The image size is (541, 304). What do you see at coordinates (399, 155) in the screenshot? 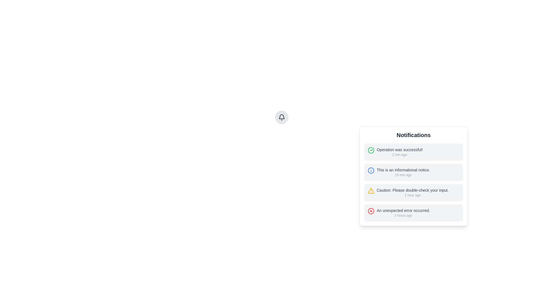
I see `the Text Label indicating the time elapsed since the notification 'Operation was successful!'` at bounding box center [399, 155].